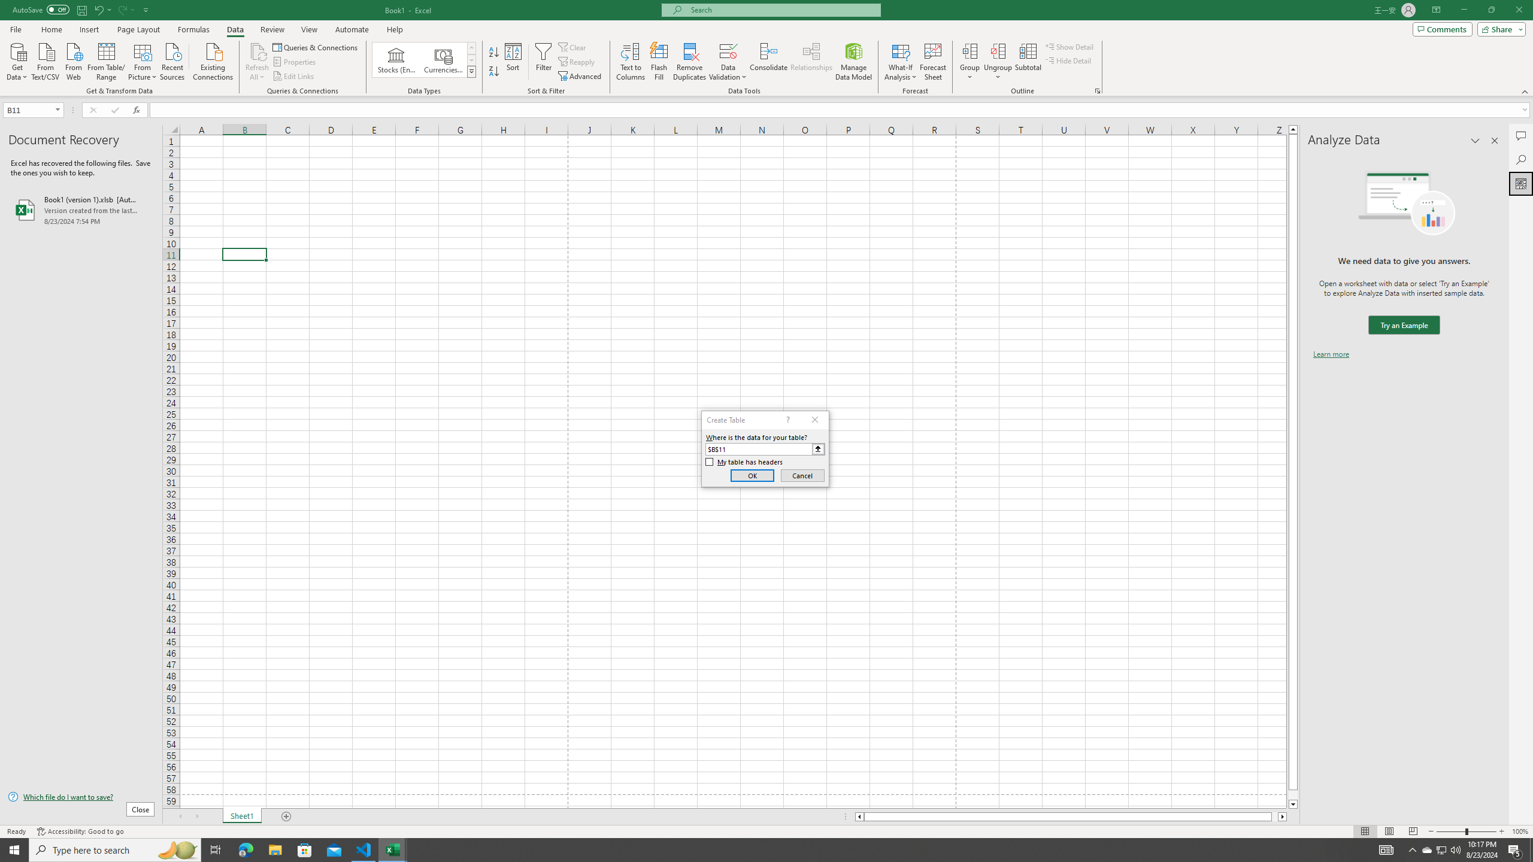 This screenshot has width=1533, height=862. What do you see at coordinates (80, 209) in the screenshot?
I see `'Book1 (version 1).xlsb  [AutoRecovered]'` at bounding box center [80, 209].